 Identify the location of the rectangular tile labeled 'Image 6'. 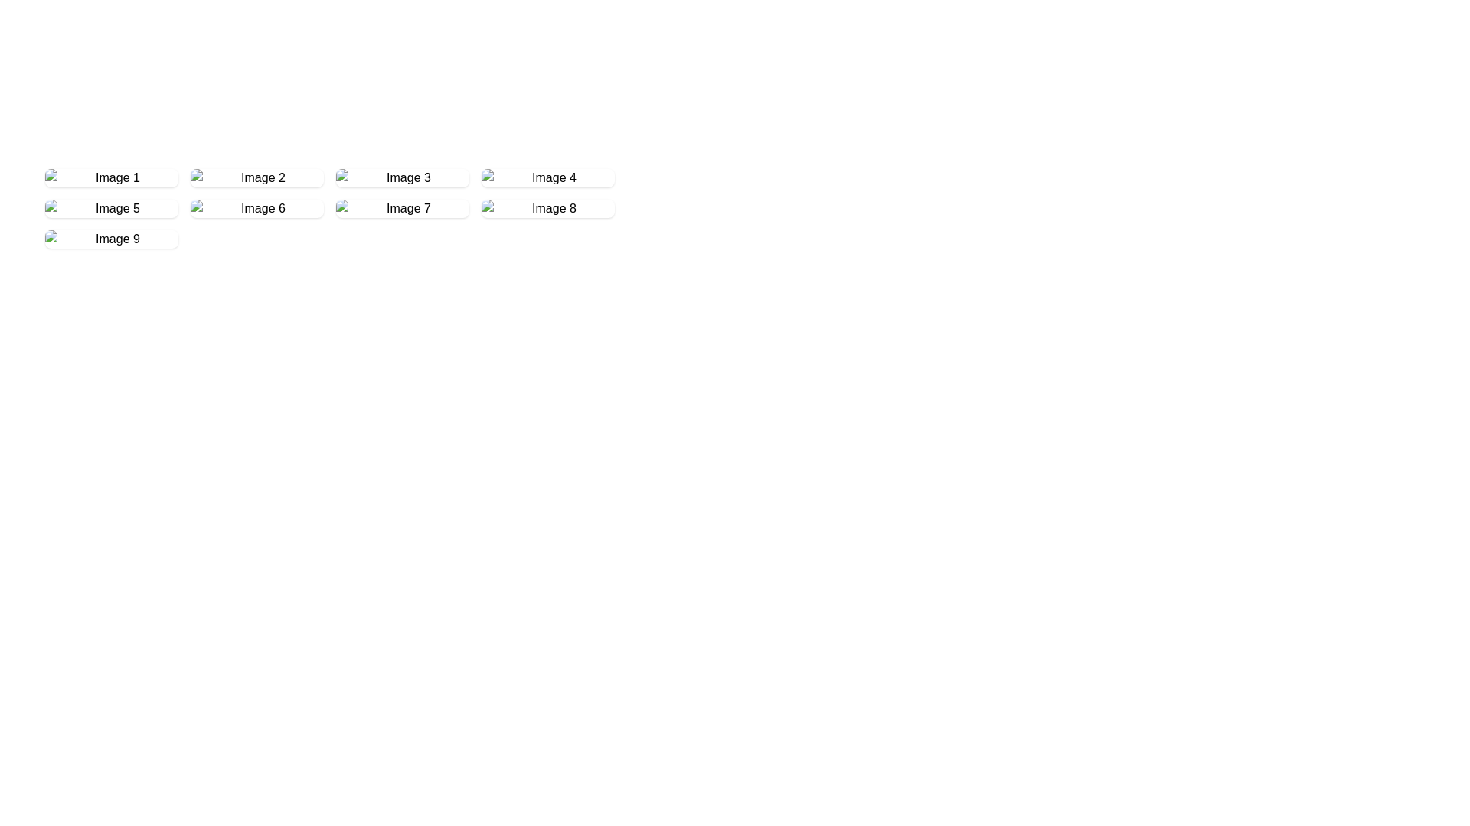
(257, 209).